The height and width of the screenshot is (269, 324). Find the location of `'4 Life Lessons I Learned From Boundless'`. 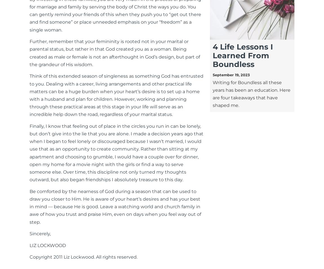

'4 Life Lessons I Learned From Boundless' is located at coordinates (242, 55).